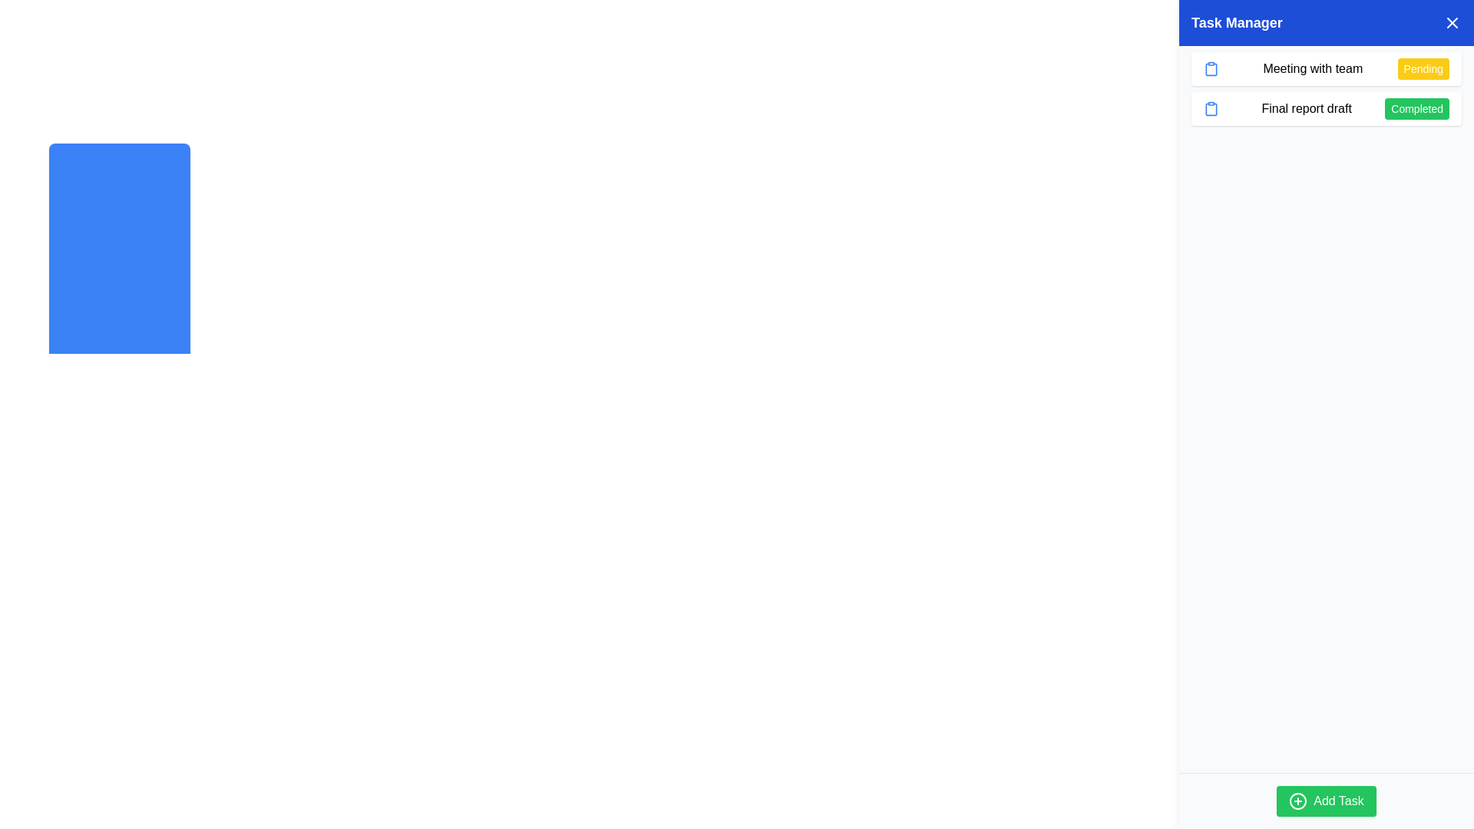  I want to click on the Status Indicator located, so click(1416, 108).